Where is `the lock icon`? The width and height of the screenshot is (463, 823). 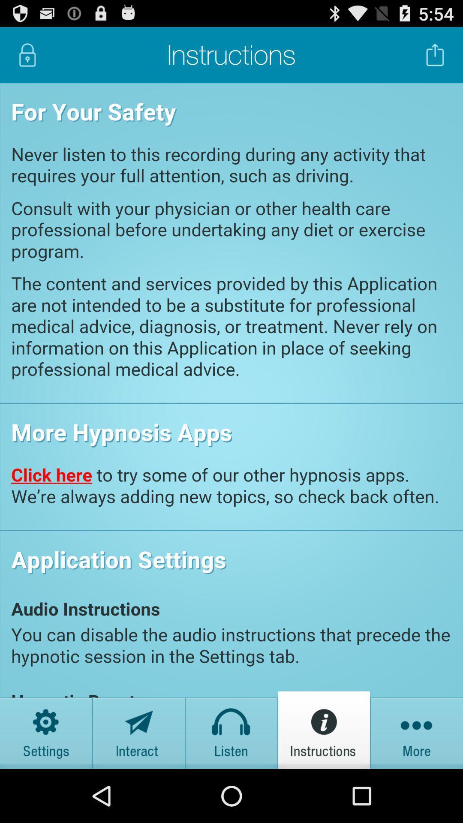 the lock icon is located at coordinates (27, 58).